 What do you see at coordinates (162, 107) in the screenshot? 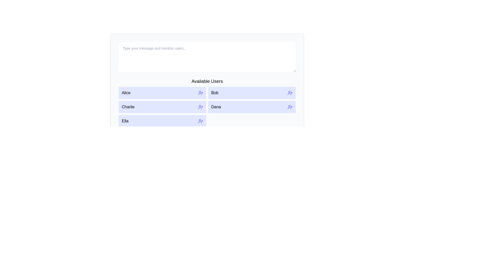
I see `the user card representing 'Charlie'` at bounding box center [162, 107].